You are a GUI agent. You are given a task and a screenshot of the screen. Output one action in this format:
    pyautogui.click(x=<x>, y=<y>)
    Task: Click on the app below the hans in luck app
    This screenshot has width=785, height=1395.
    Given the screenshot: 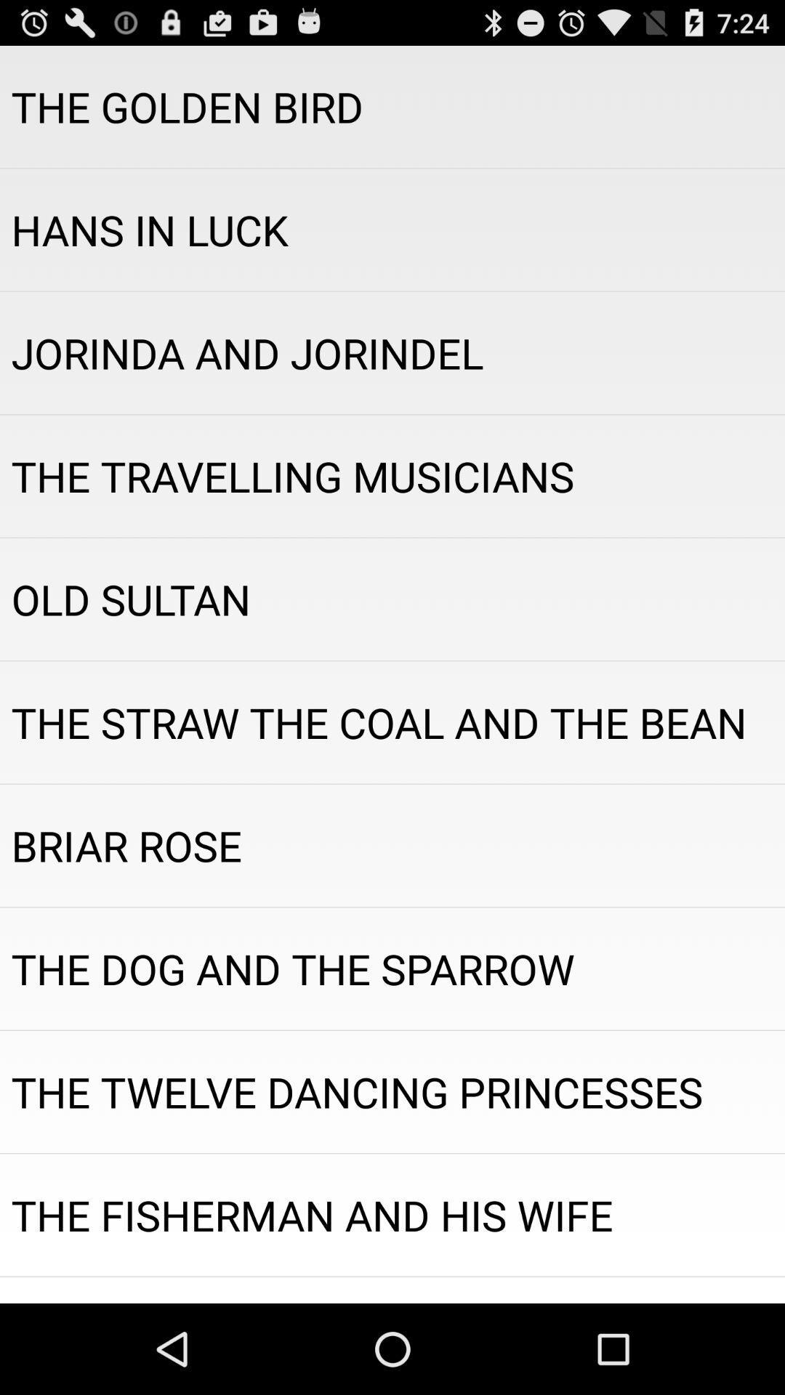 What is the action you would take?
    pyautogui.click(x=392, y=352)
    